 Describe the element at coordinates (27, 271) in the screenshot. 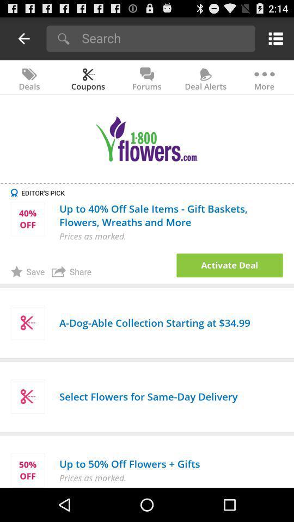

I see `item to the left of the share item` at that location.